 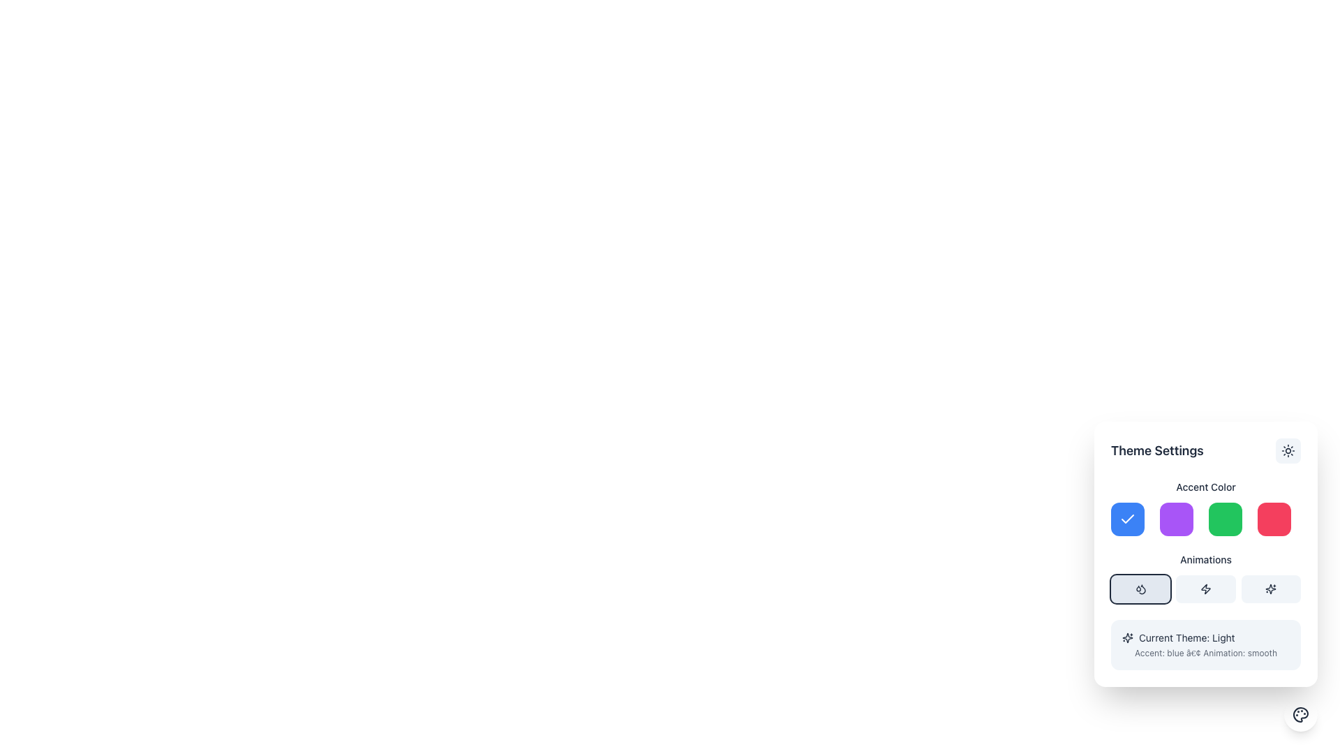 What do you see at coordinates (1225, 519) in the screenshot?
I see `the button that applies a green-themed accent color to observe its scaling effect` at bounding box center [1225, 519].